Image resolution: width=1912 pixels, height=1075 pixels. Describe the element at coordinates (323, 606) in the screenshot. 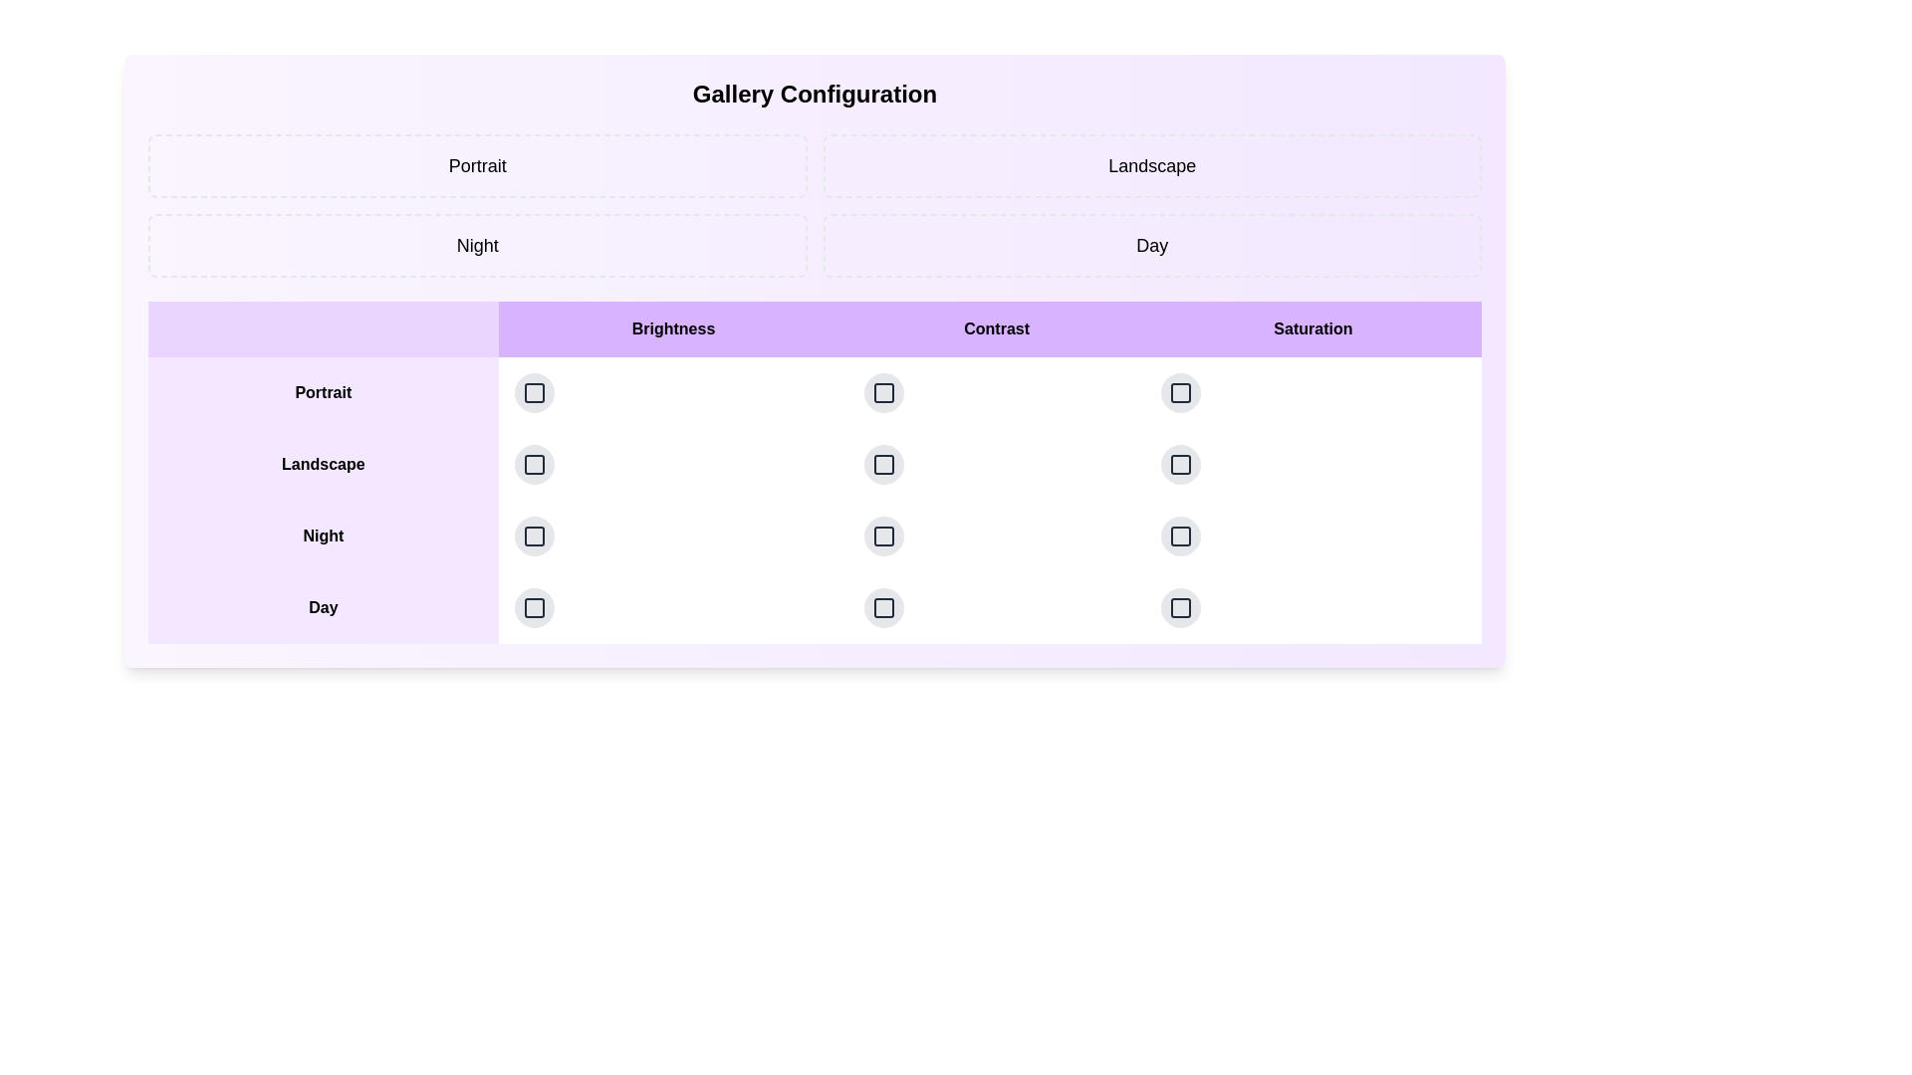

I see `the Static Label displaying the word 'Day', which is the last item in a vertical list of labels under a light purple section heading` at that location.